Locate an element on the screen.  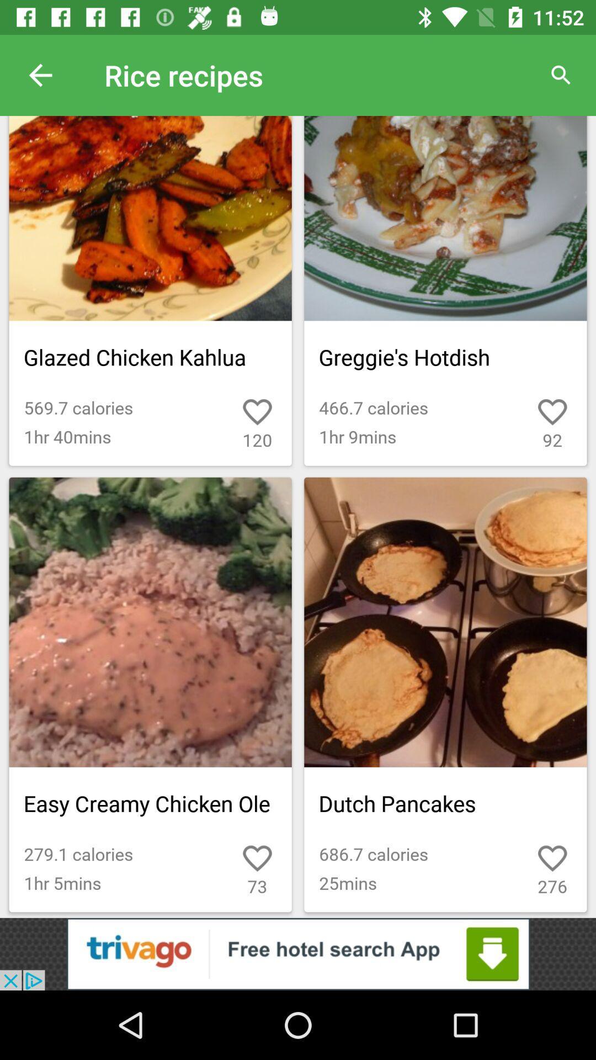
the text which is above the 6867 calories is located at coordinates (445, 803).